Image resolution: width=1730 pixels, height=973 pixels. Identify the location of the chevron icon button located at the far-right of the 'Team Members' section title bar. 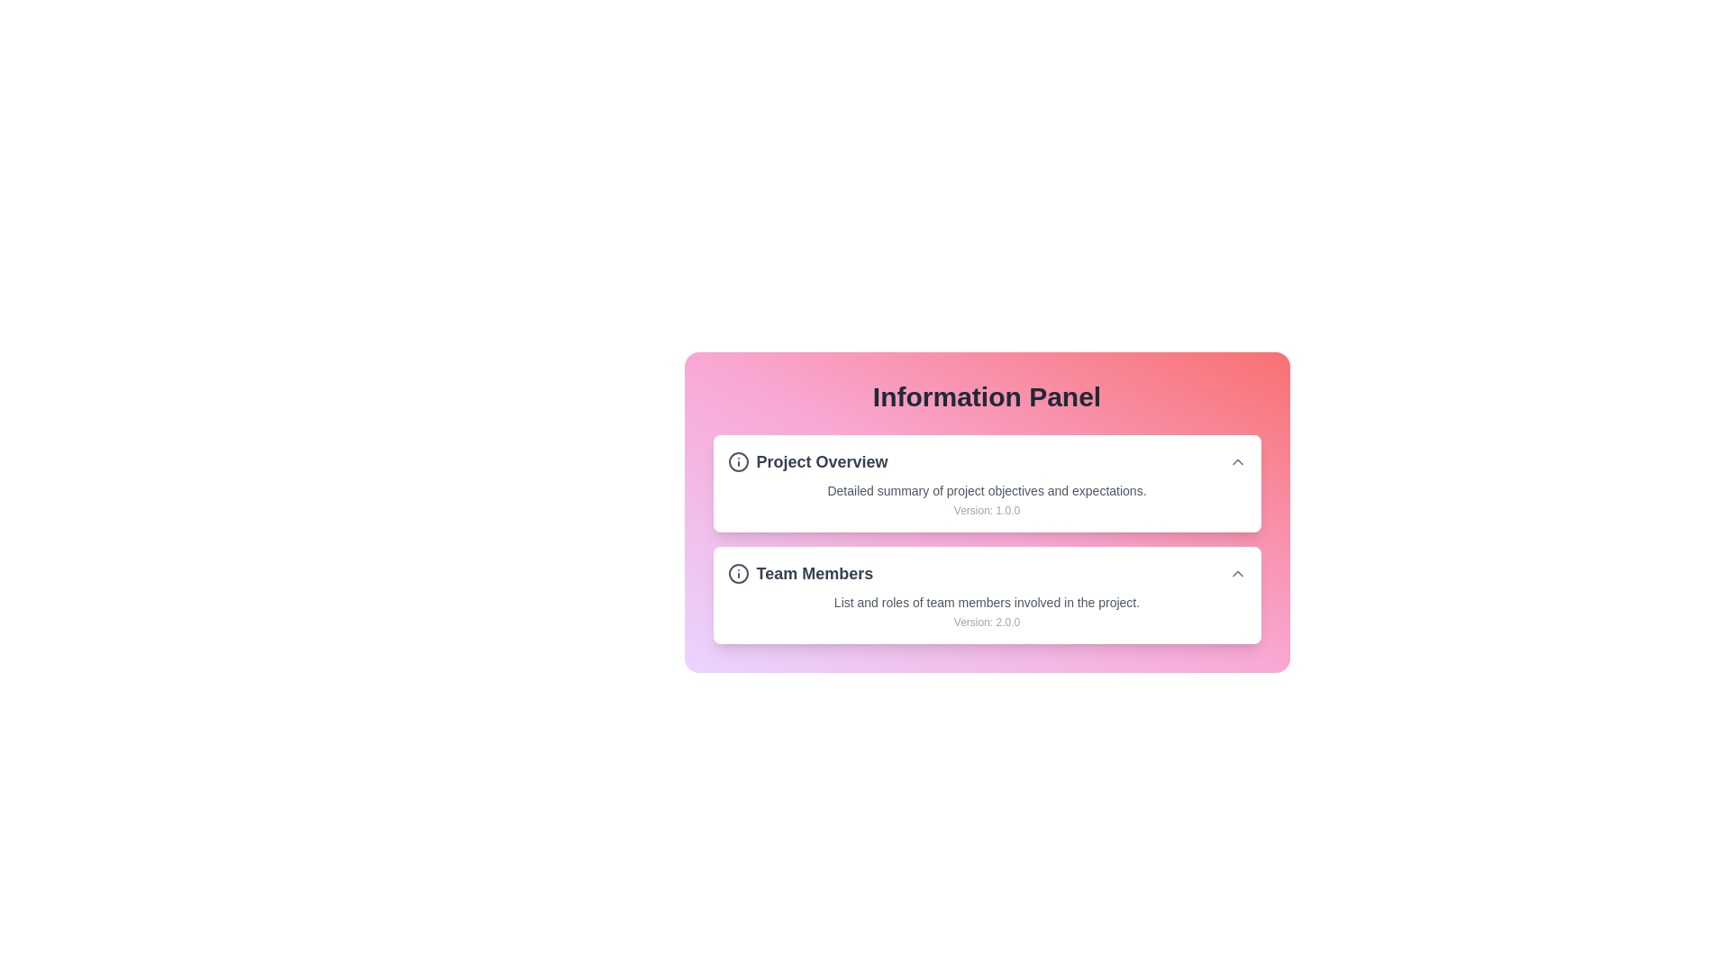
(1236, 573).